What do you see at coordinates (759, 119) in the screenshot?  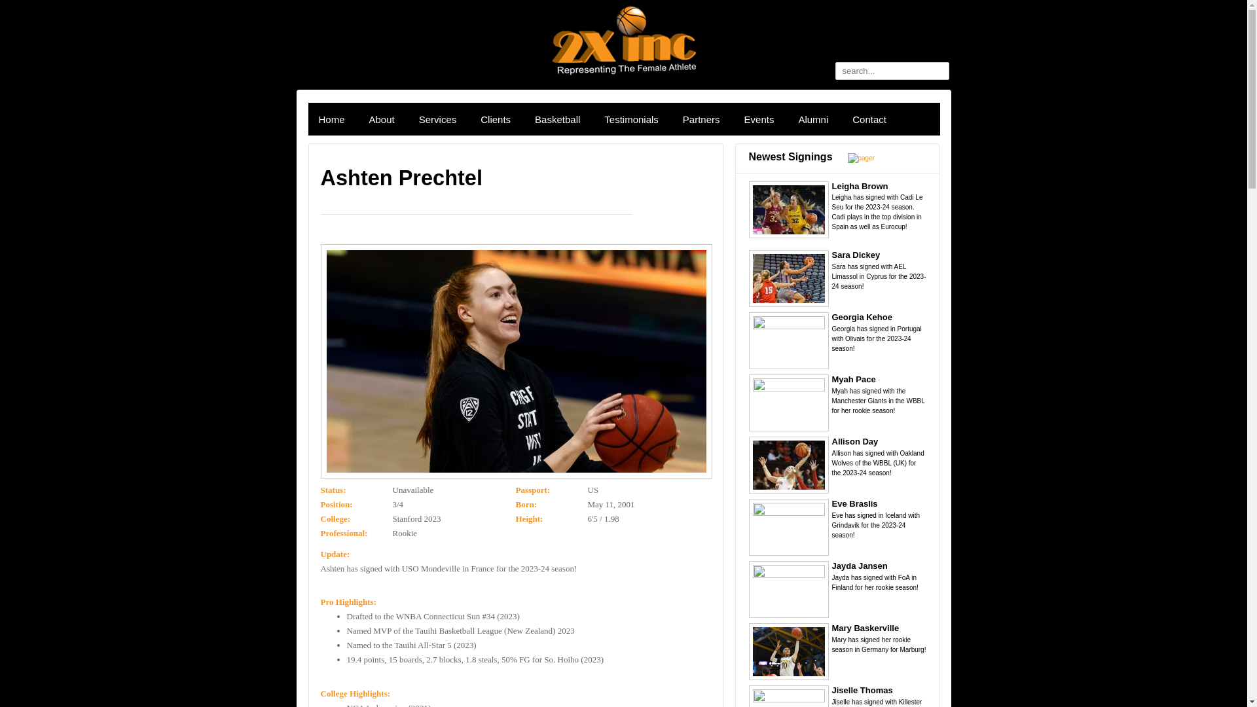 I see `'Events'` at bounding box center [759, 119].